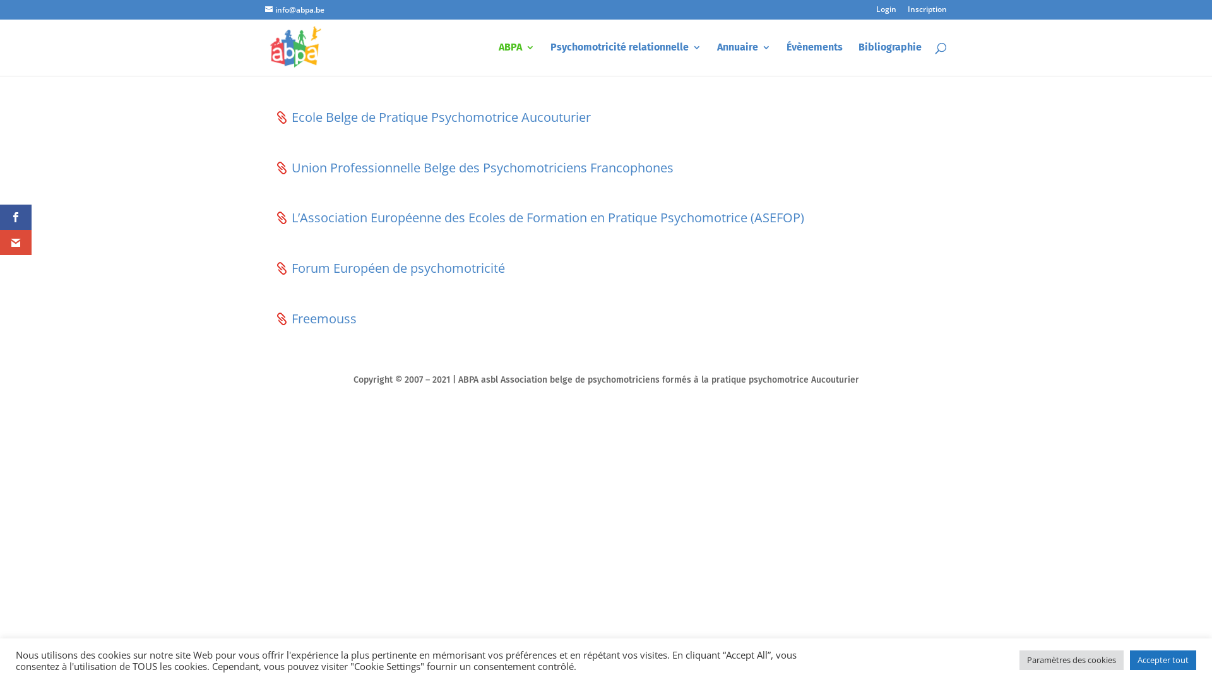 The width and height of the screenshot is (1212, 682). What do you see at coordinates (516, 59) in the screenshot?
I see `'ABPA'` at bounding box center [516, 59].